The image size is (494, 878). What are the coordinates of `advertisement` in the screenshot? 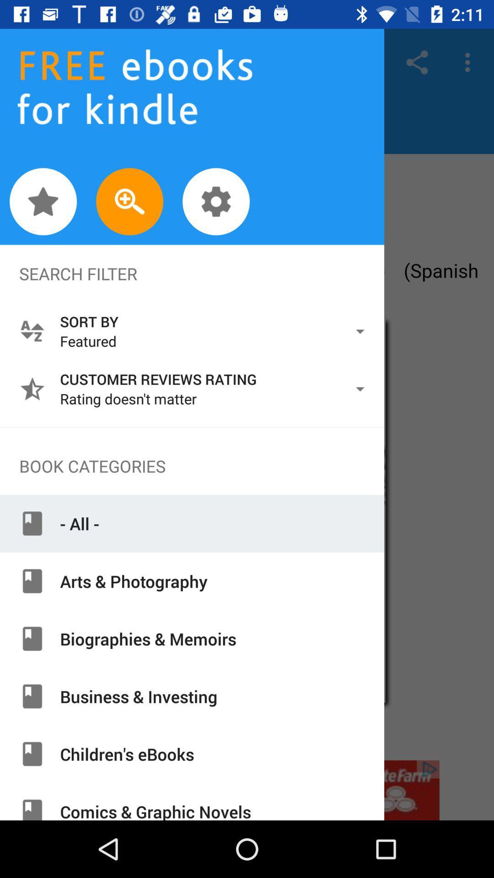 It's located at (247, 790).